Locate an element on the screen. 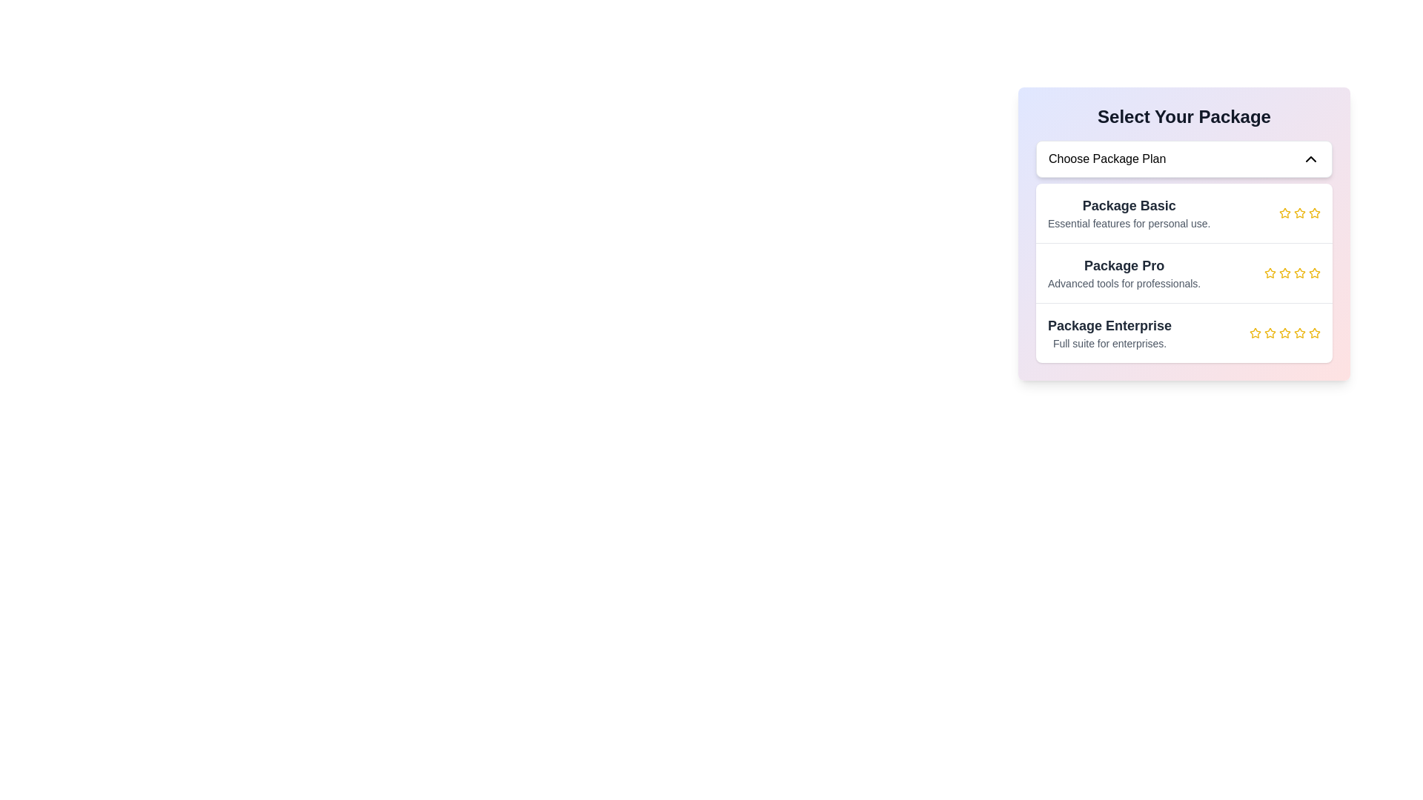 Image resolution: width=1423 pixels, height=800 pixels. the selectable list item for 'Package Enterprise', which includes a bold title and a supporting subtitle is located at coordinates (1184, 332).